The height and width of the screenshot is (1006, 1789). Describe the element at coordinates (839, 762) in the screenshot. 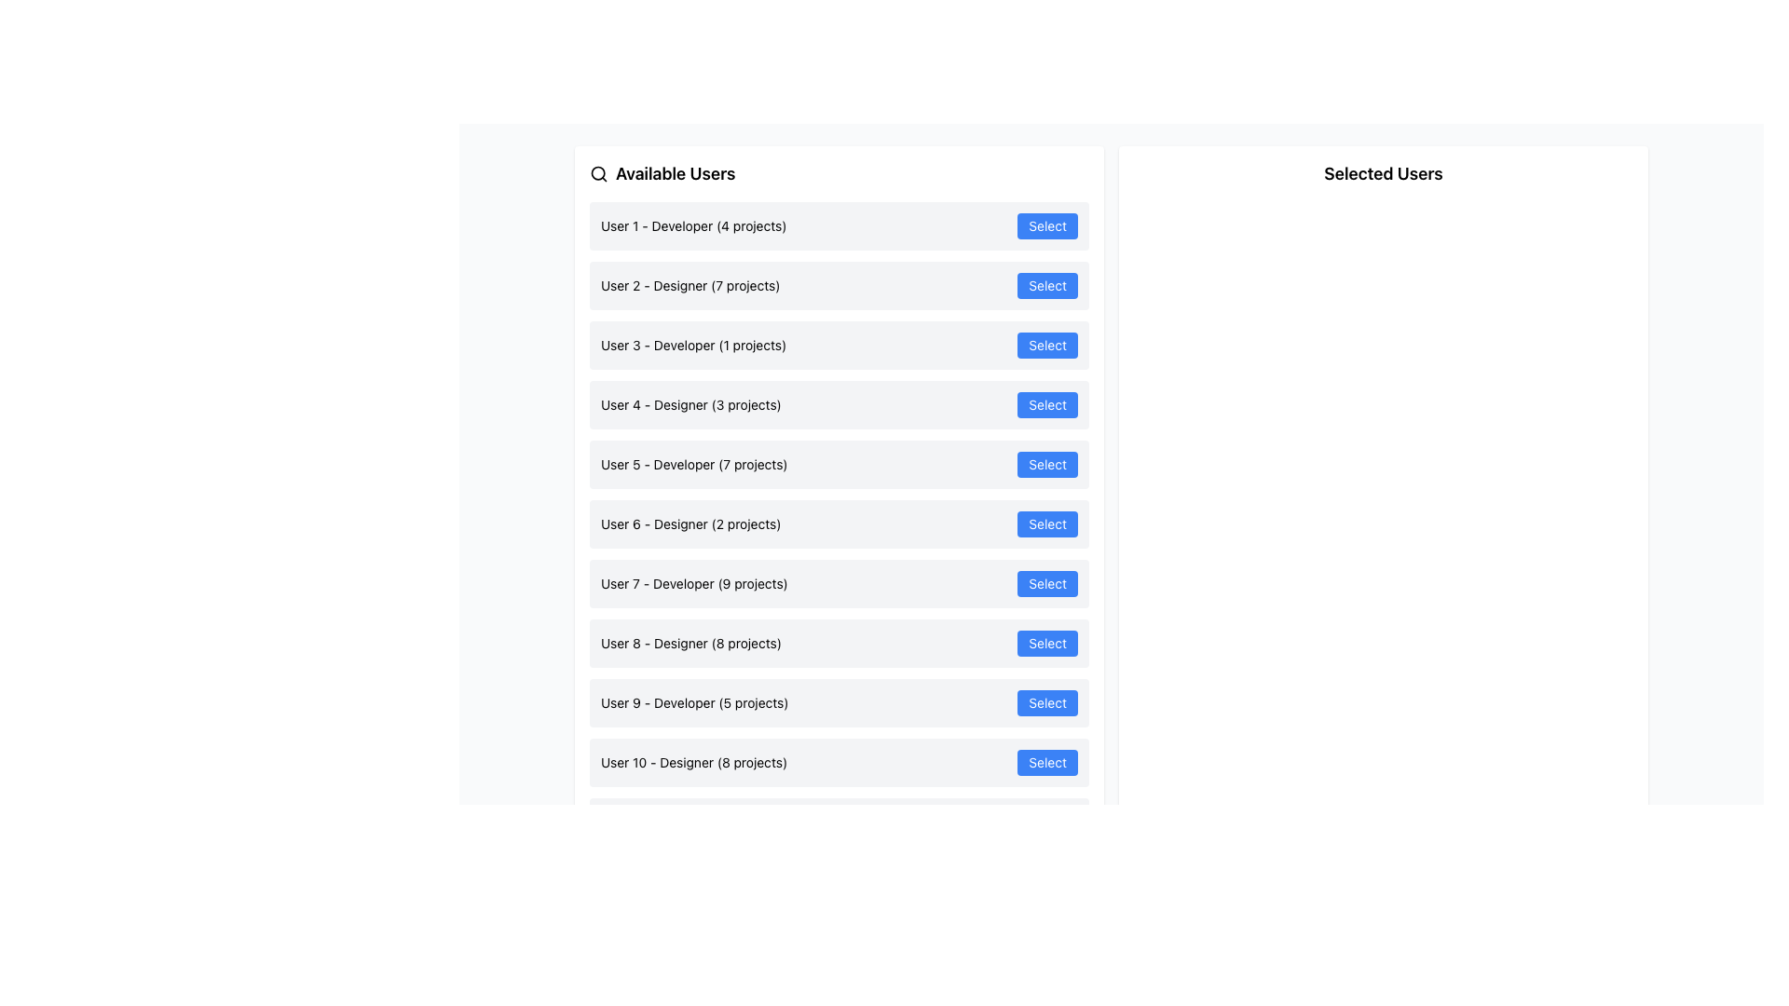

I see `the 'Select' button on the 10th list item representing a user in the 'Available Users' section to choose this user for further actions` at that location.